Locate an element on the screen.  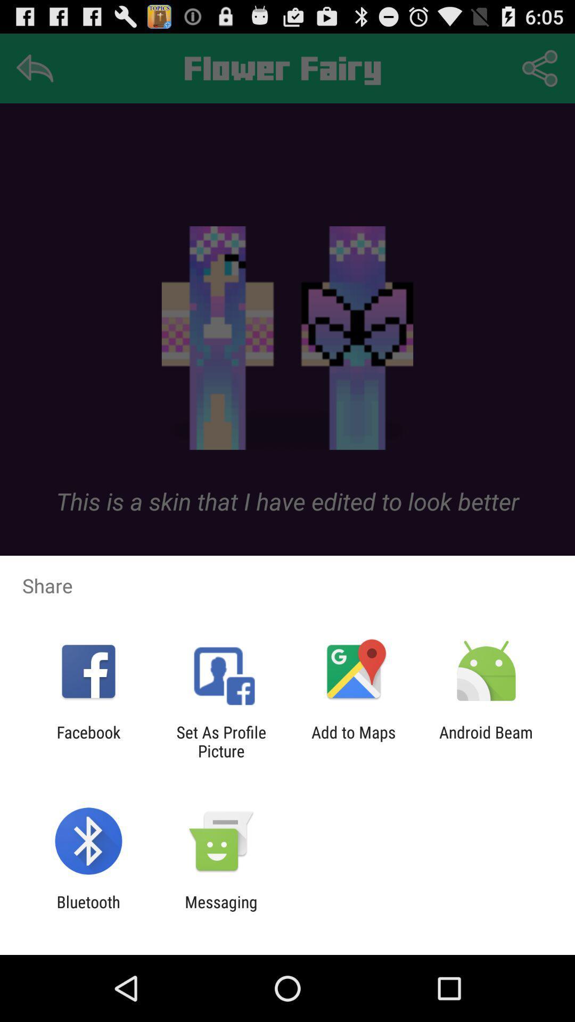
add to maps app is located at coordinates (354, 741).